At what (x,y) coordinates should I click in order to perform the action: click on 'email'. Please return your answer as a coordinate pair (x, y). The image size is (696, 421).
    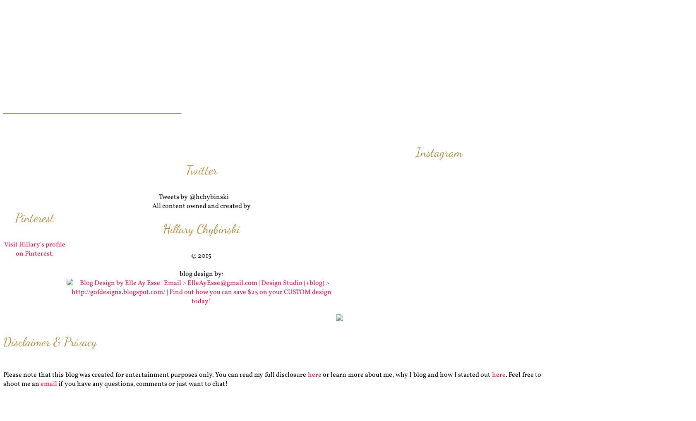
    Looking at the image, I should click on (48, 383).